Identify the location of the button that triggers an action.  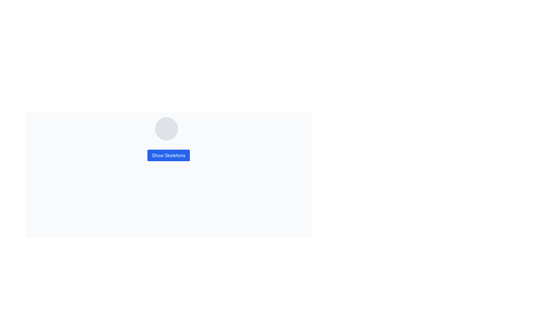
(168, 155).